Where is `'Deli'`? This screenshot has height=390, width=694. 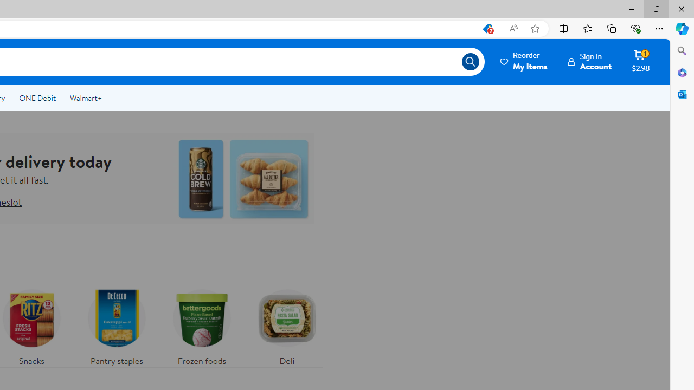
'Deli' is located at coordinates (287, 324).